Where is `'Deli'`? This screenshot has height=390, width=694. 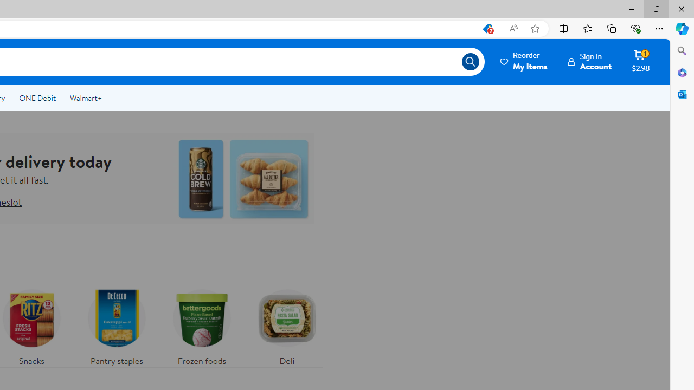
'Deli' is located at coordinates (287, 324).